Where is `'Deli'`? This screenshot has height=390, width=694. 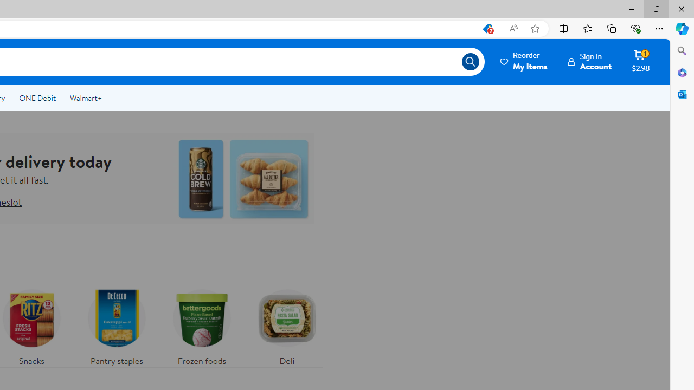
'Deli' is located at coordinates (287, 324).